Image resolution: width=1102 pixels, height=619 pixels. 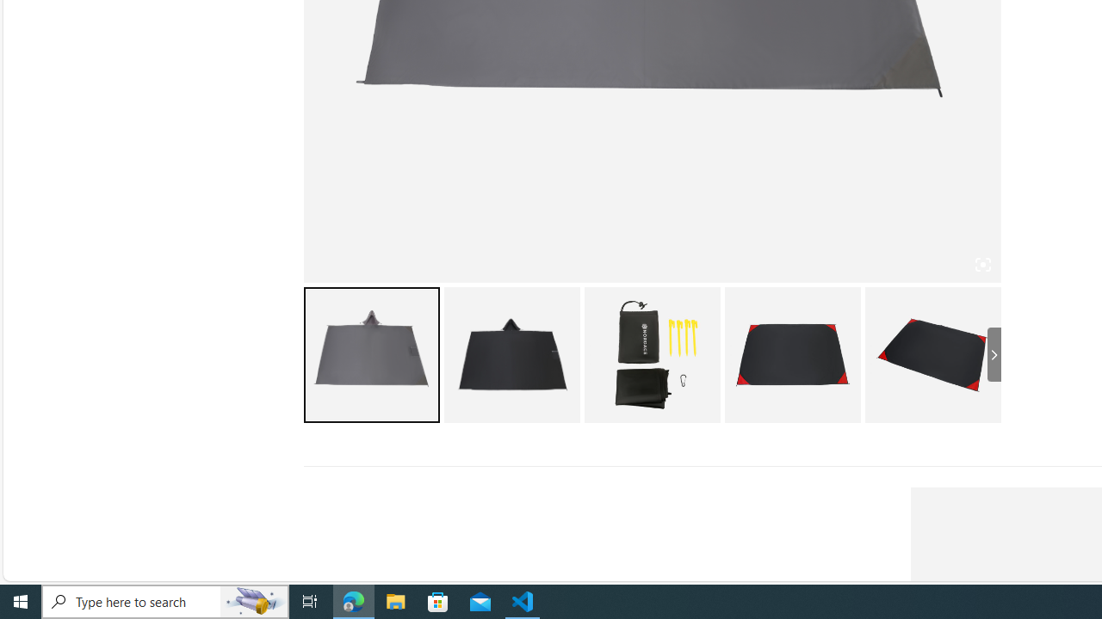 I want to click on 'Class: iconic-woothumbs-fullscreen', so click(x=982, y=264).